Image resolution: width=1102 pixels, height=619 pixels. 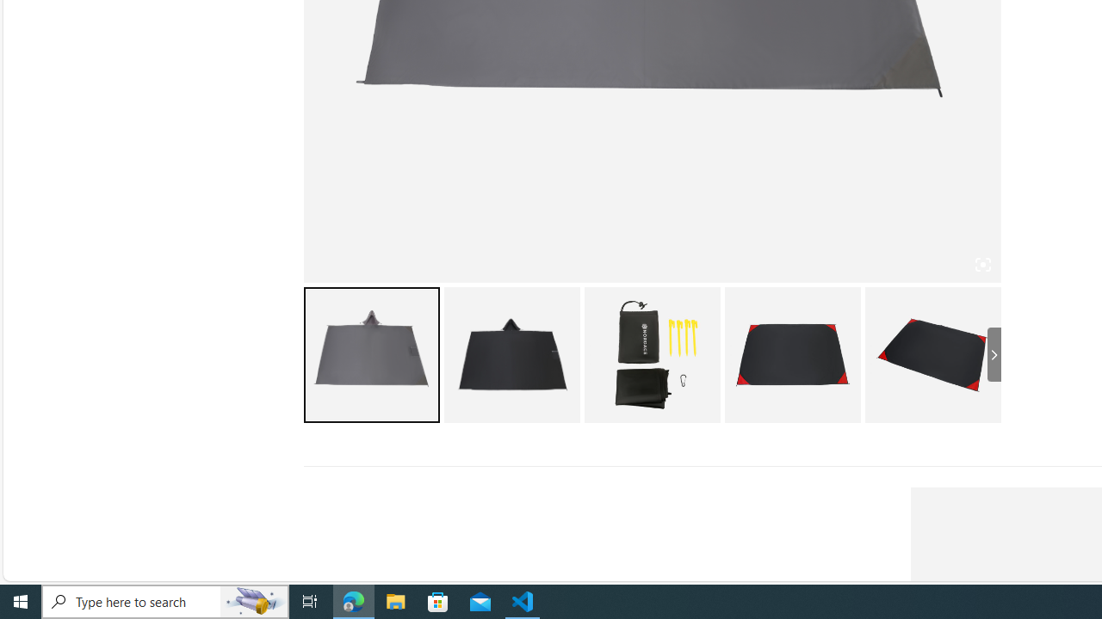 I want to click on 'Class: iconic-woothumbs-fullscreen', so click(x=982, y=264).